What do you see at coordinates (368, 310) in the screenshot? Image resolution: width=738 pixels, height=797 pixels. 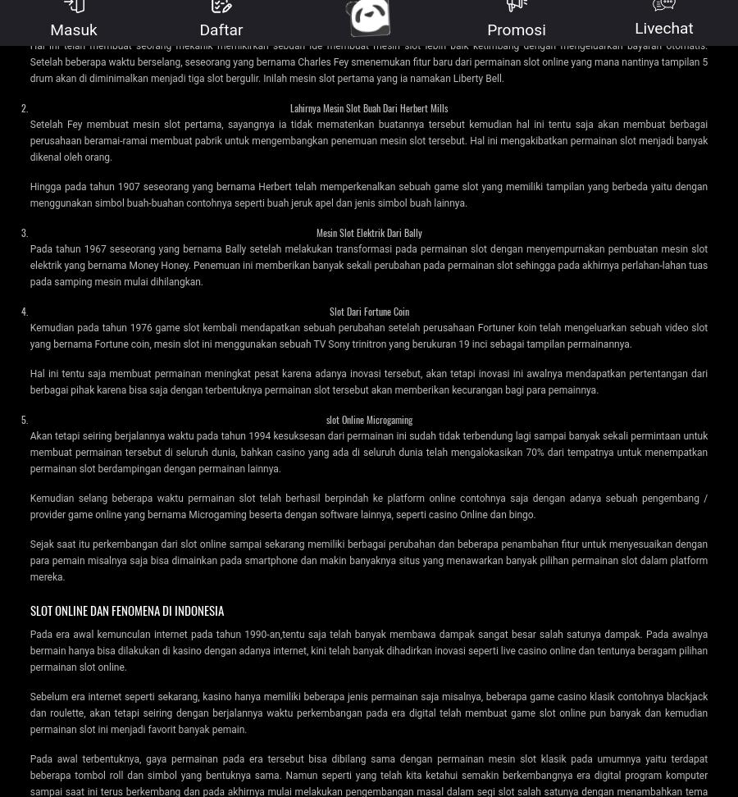 I see `'Slot Dari Fortune Coin'` at bounding box center [368, 310].